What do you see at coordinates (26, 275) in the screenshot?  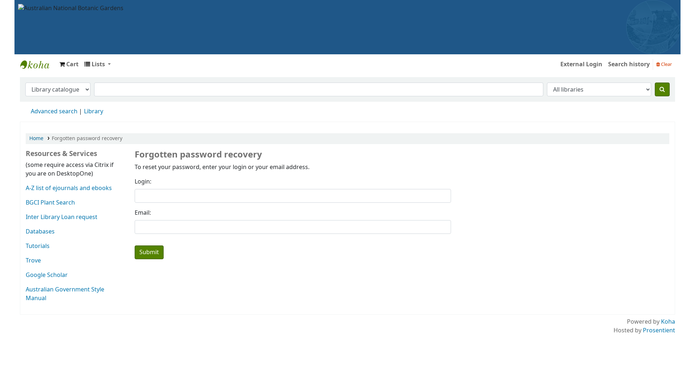 I see `'Google Scholar'` at bounding box center [26, 275].